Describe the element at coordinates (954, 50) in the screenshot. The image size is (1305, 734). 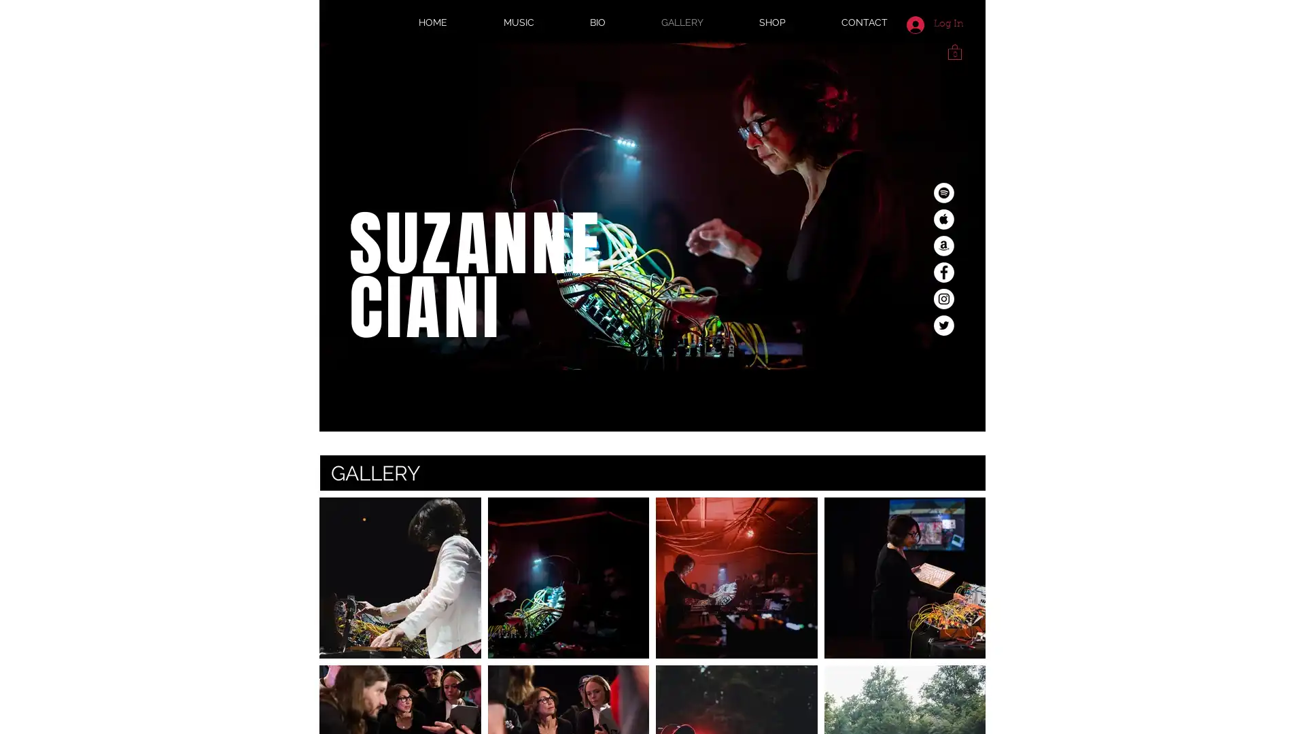
I see `Cart with 0 items` at that location.